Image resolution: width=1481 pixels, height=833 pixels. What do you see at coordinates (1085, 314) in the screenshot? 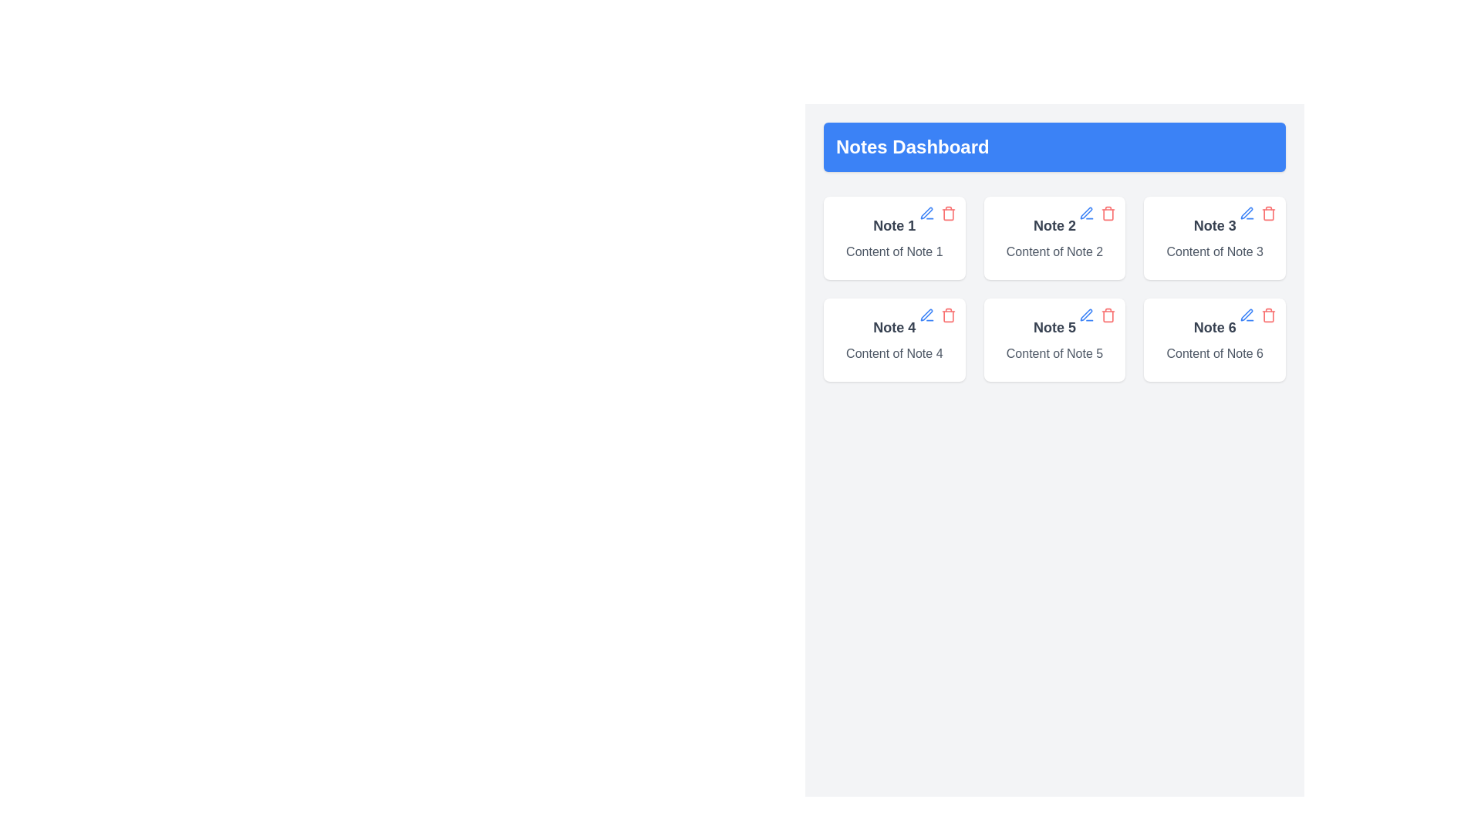
I see `the pen icon located at the top-right corner of the 'Note 1' card` at bounding box center [1085, 314].